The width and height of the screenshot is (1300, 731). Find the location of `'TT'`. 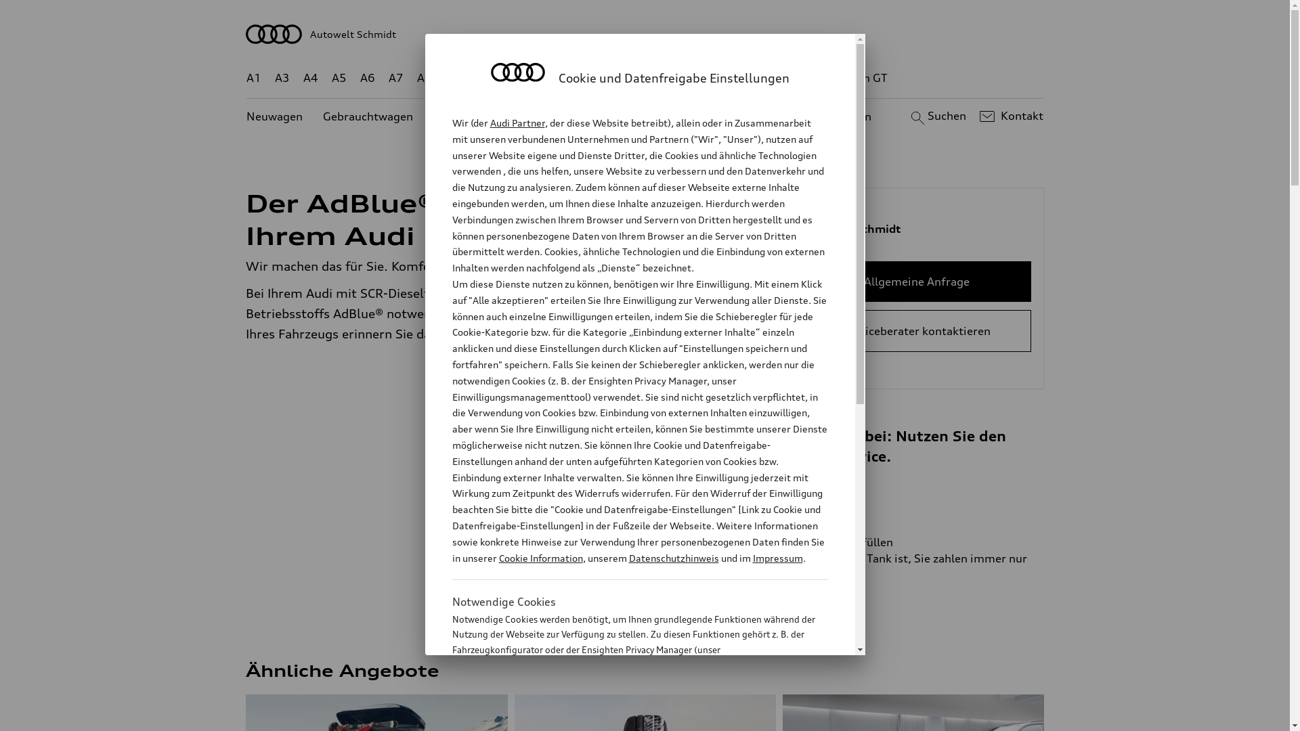

'TT' is located at coordinates (727, 78).